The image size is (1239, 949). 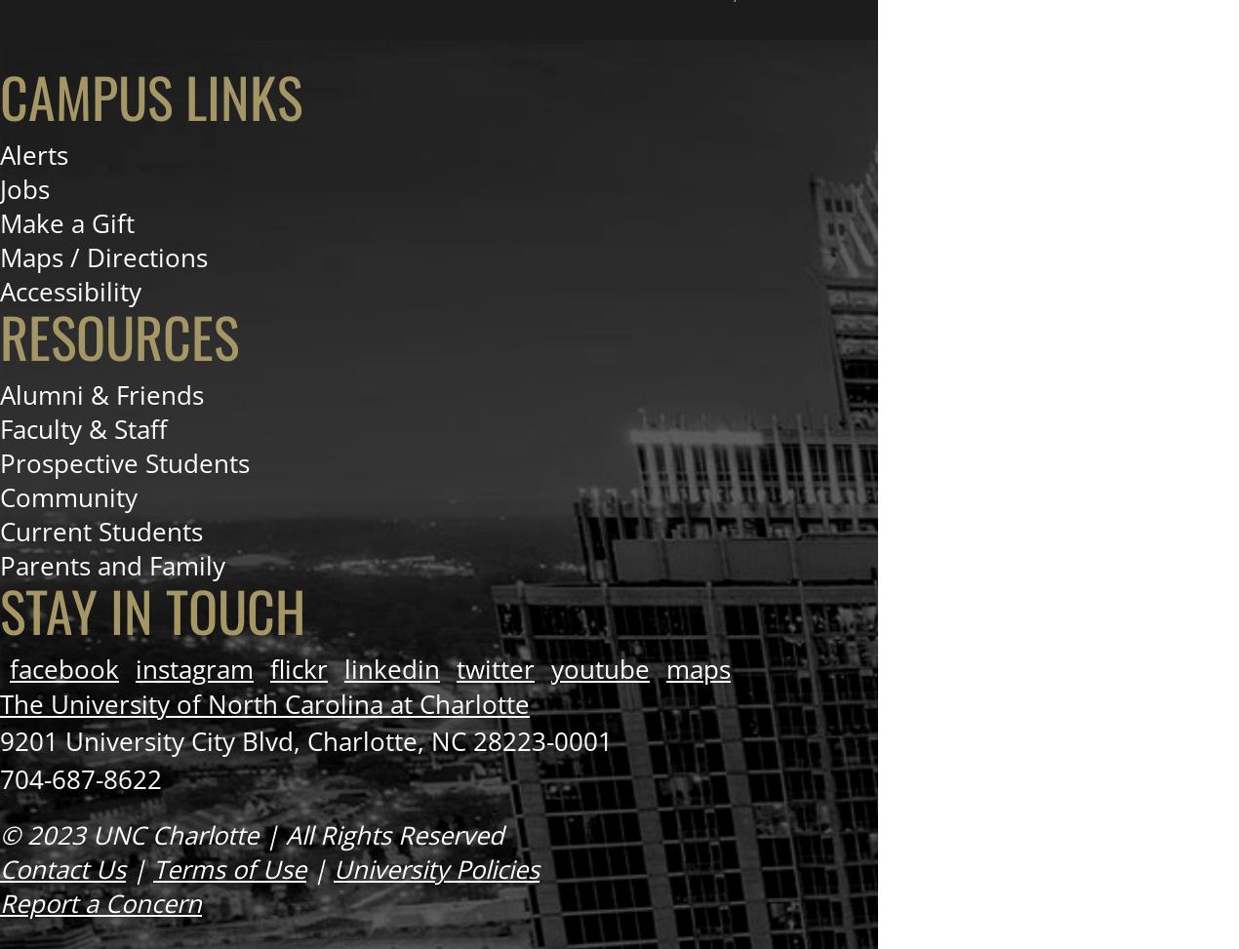 I want to click on 'Report a Concern', so click(x=0, y=902).